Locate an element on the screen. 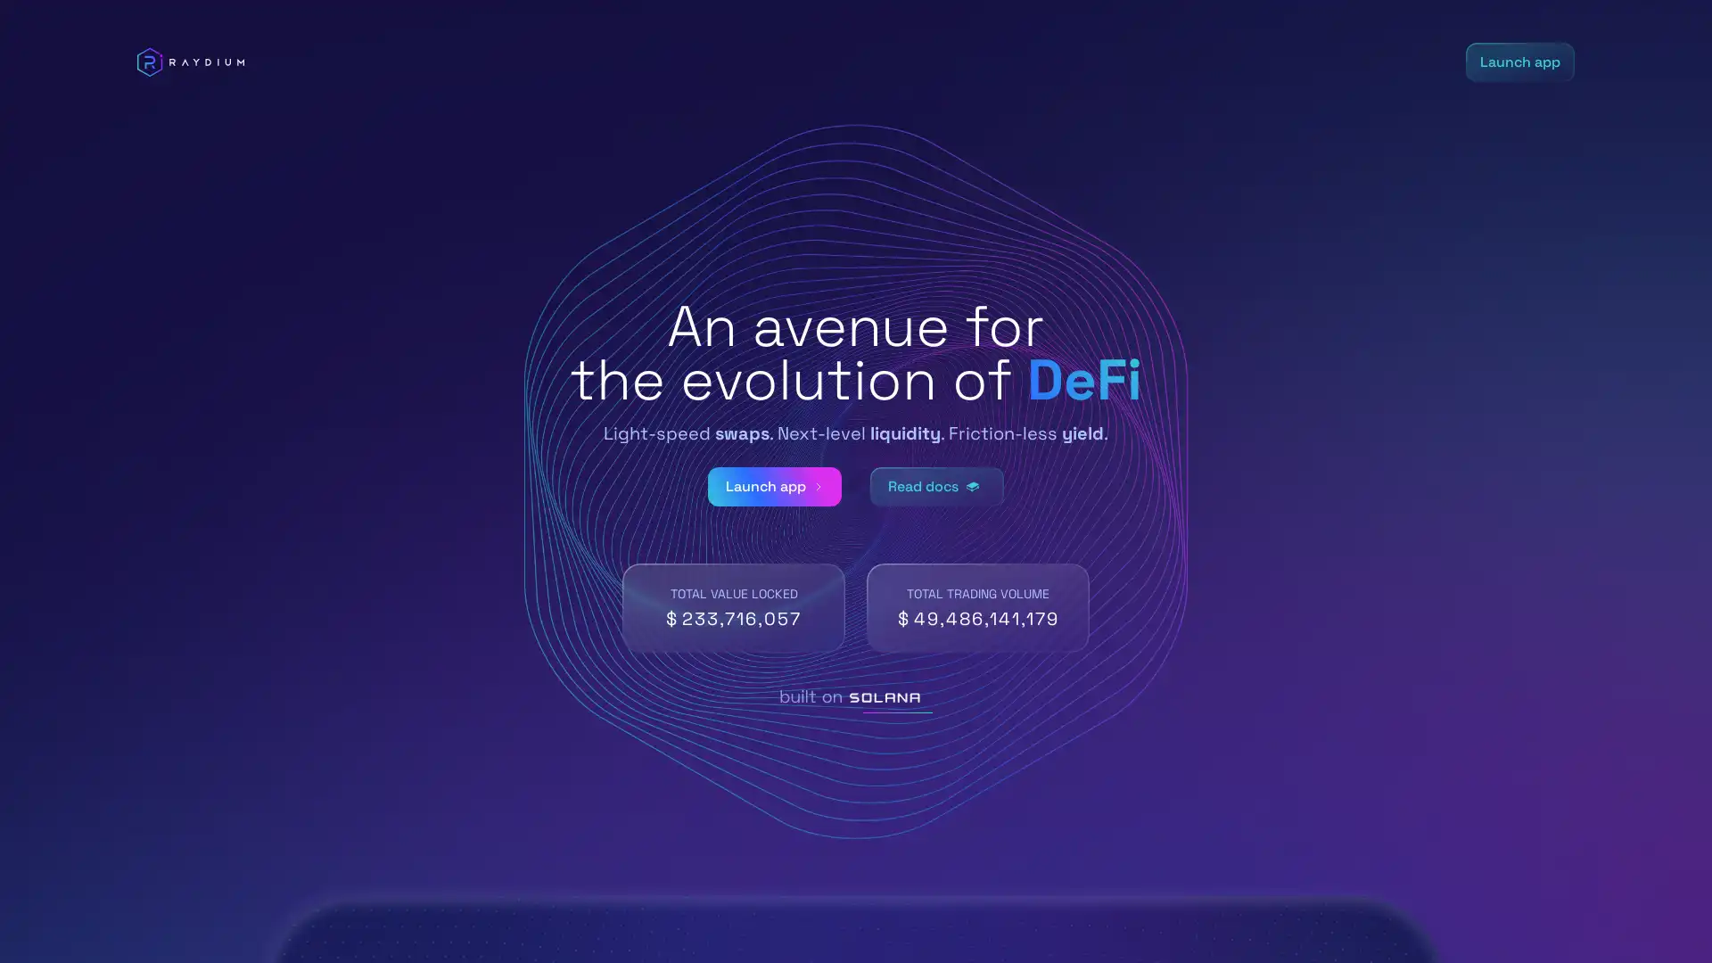  Launch app is located at coordinates (1519, 61).